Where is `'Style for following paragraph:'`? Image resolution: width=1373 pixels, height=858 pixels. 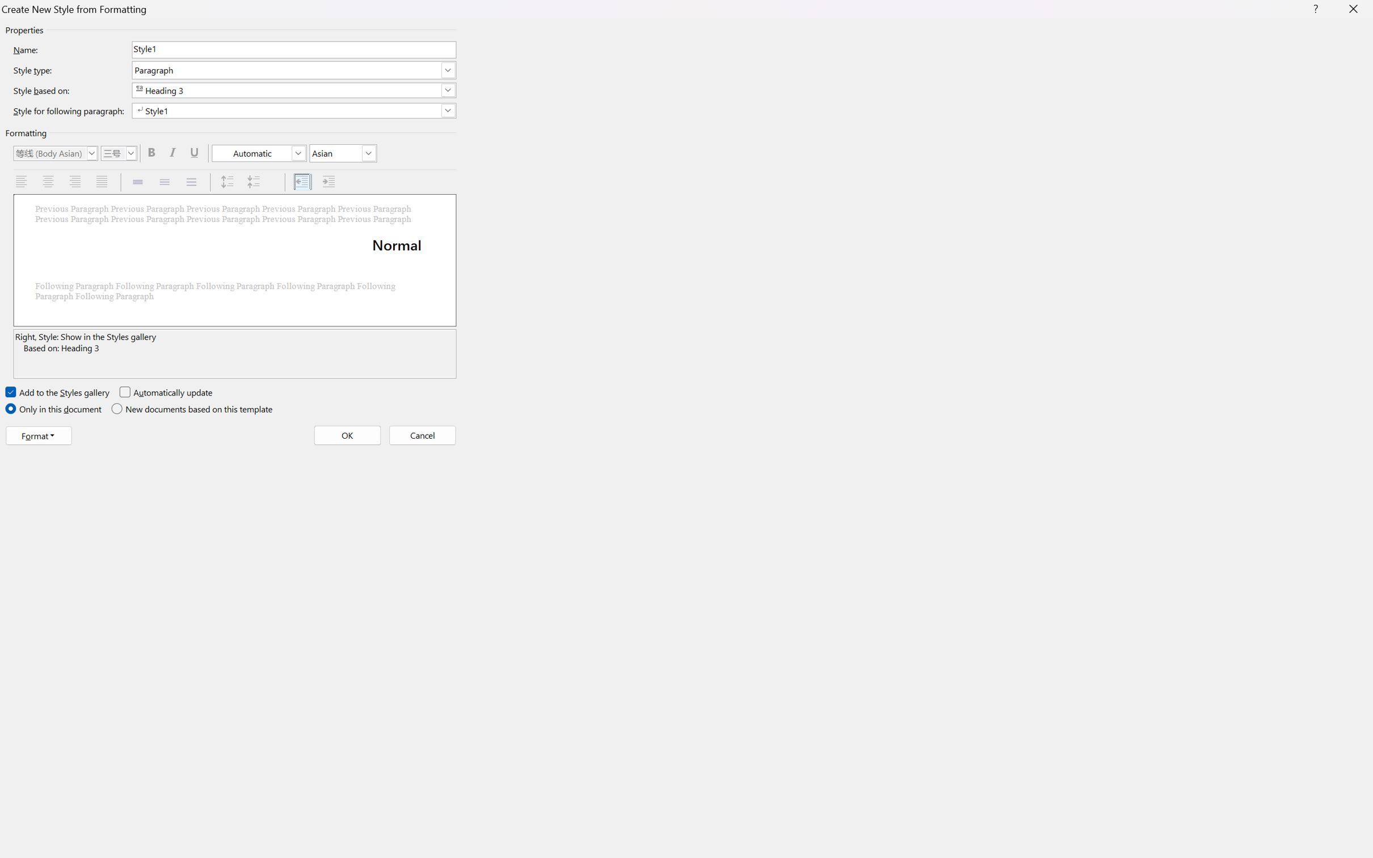
'Style for following paragraph:' is located at coordinates (293, 110).